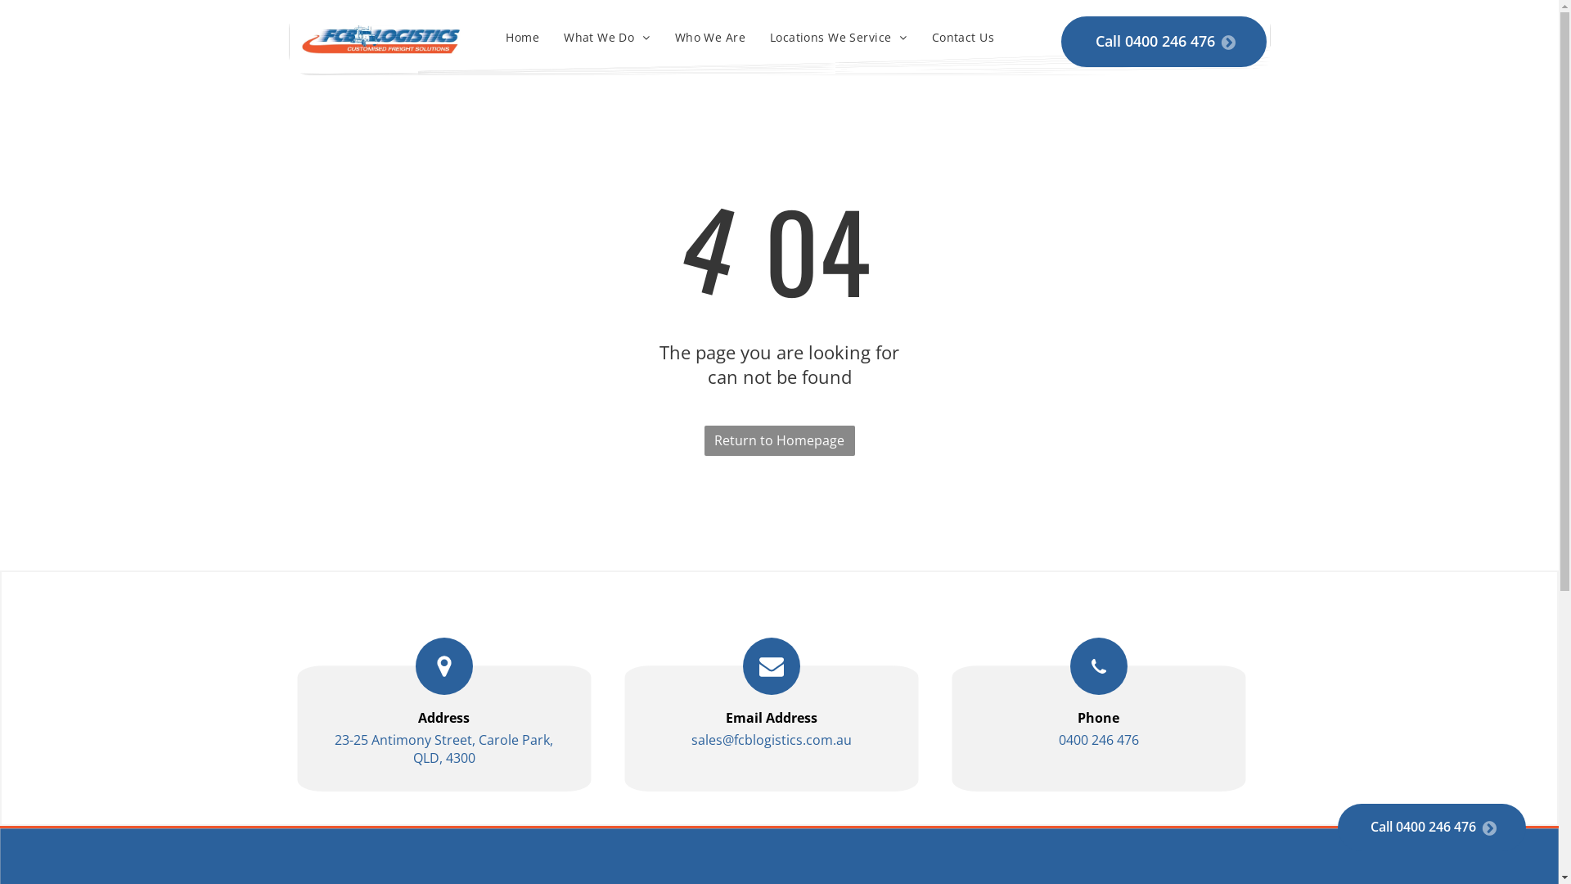 The width and height of the screenshot is (1571, 884). I want to click on 'Return to Homepage', so click(777, 440).